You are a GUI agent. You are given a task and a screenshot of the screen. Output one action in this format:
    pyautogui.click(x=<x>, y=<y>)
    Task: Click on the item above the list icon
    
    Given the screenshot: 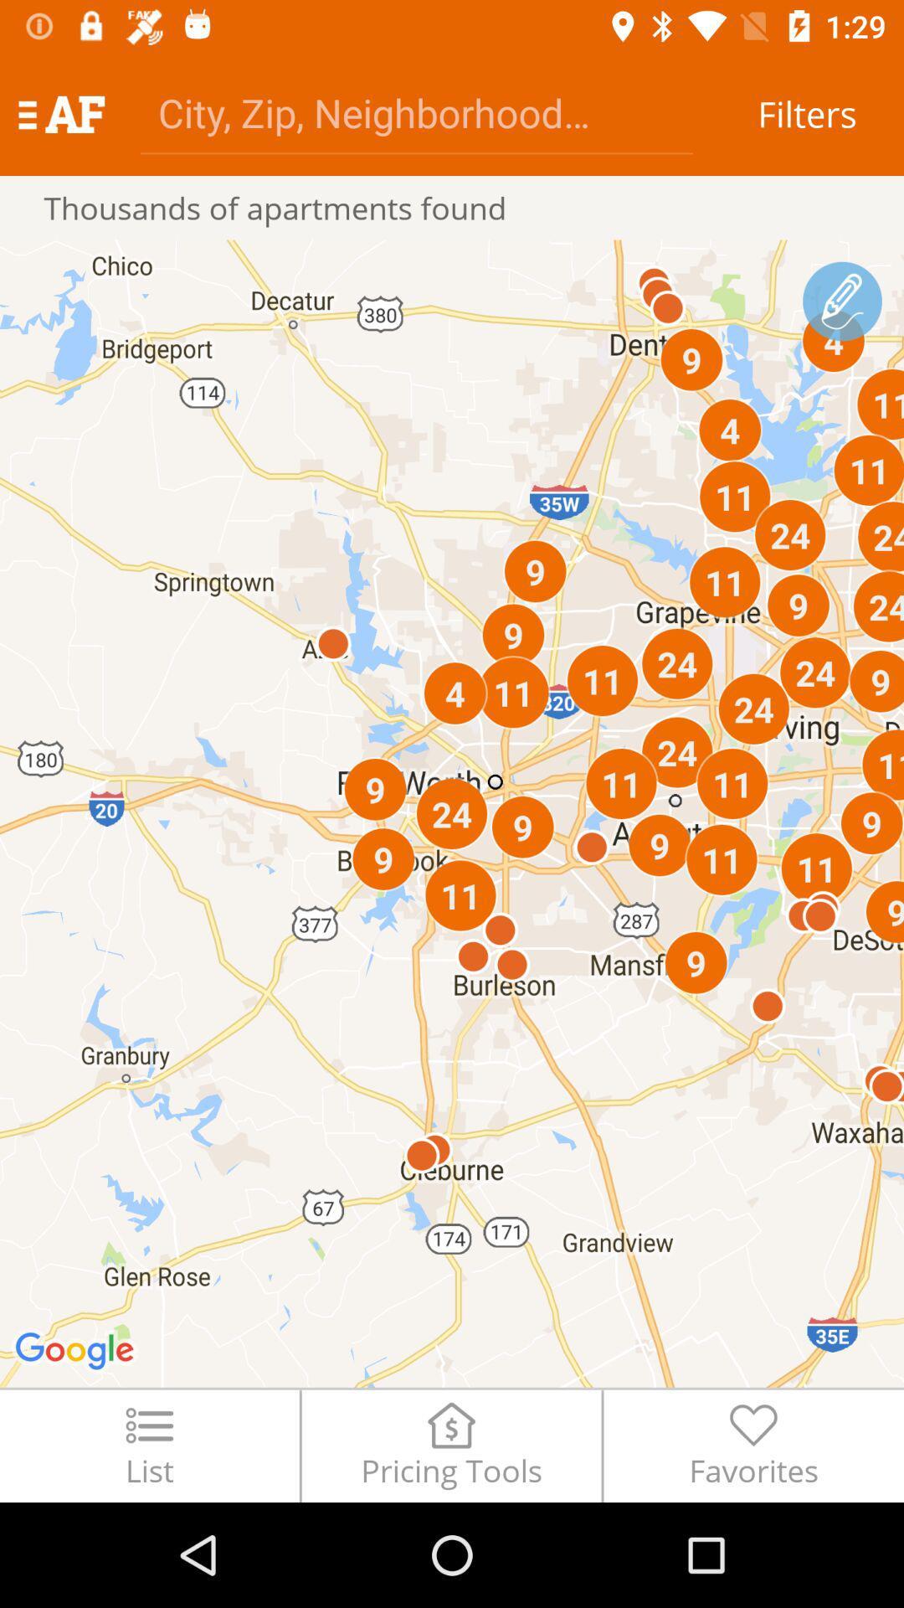 What is the action you would take?
    pyautogui.click(x=452, y=813)
    